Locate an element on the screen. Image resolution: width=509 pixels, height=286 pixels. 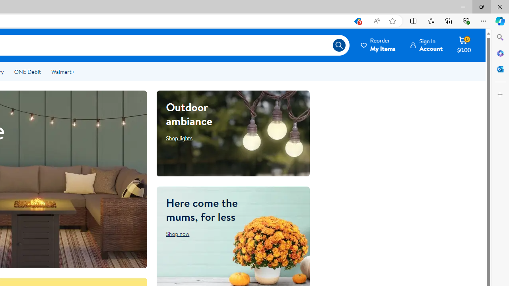
'Reorder My Items' is located at coordinates (378, 45).